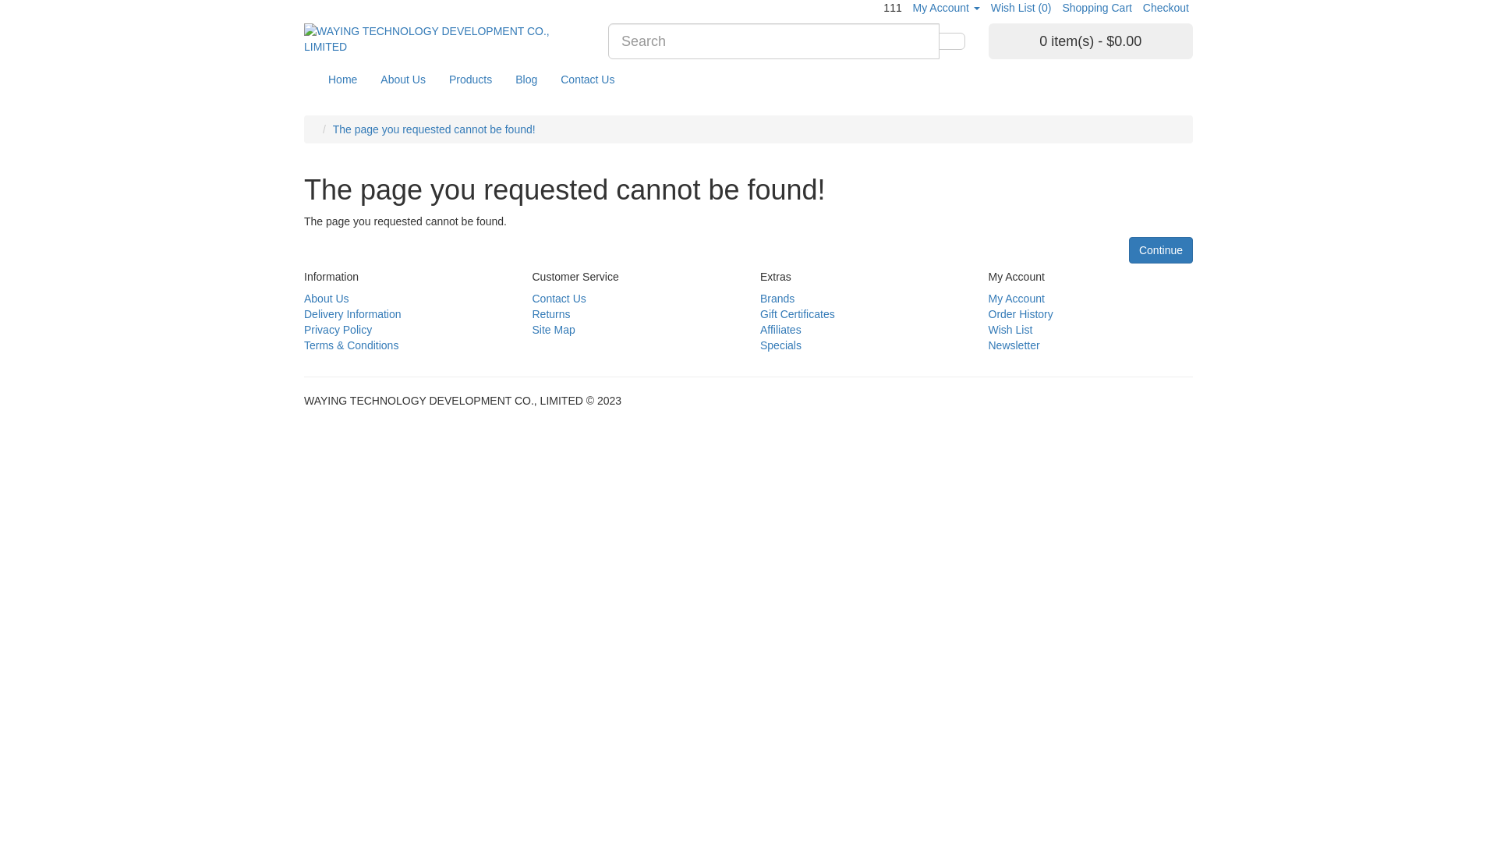  What do you see at coordinates (1166, 8) in the screenshot?
I see `'Checkout'` at bounding box center [1166, 8].